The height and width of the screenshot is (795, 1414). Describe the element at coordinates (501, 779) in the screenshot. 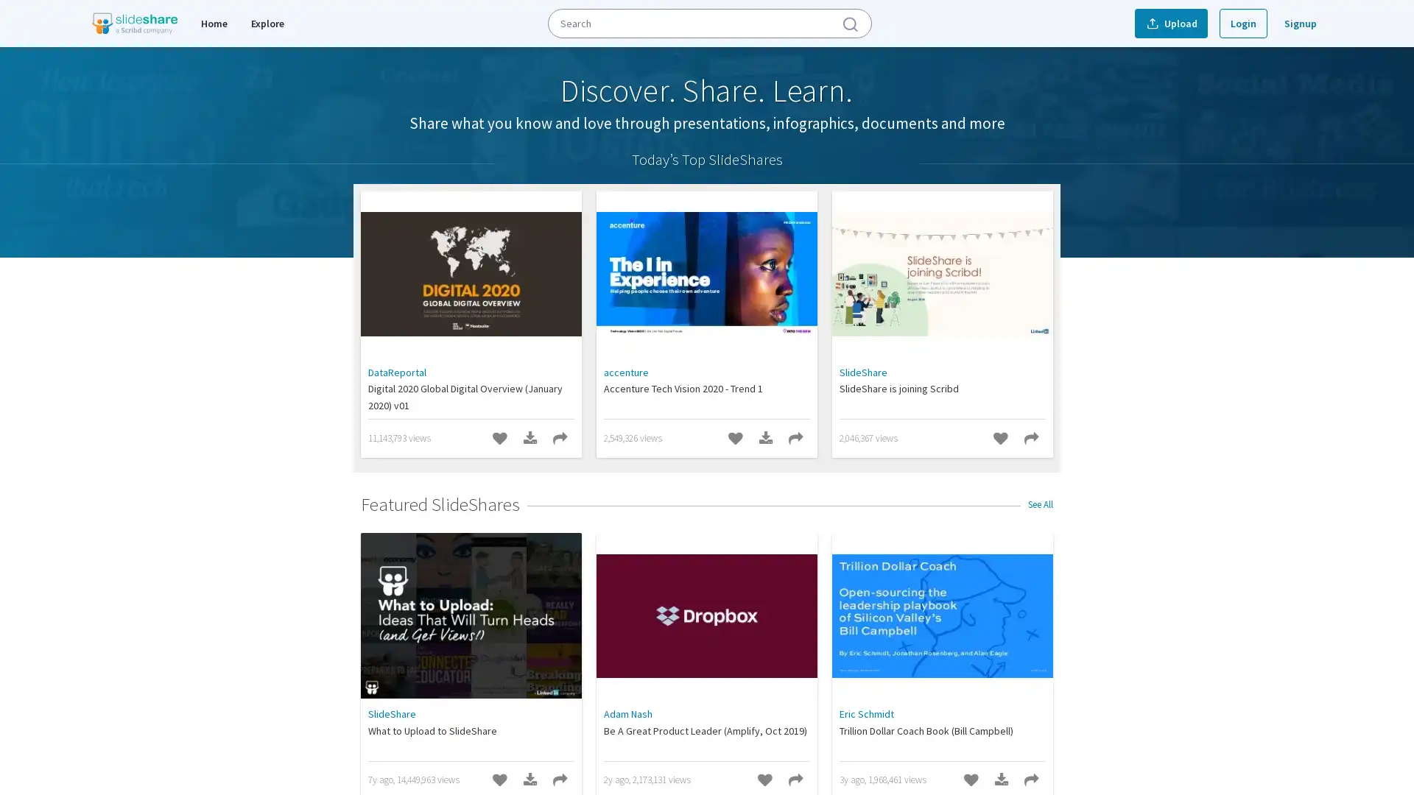

I see `Like What to Upload to SlideShare SlideShare.` at that location.